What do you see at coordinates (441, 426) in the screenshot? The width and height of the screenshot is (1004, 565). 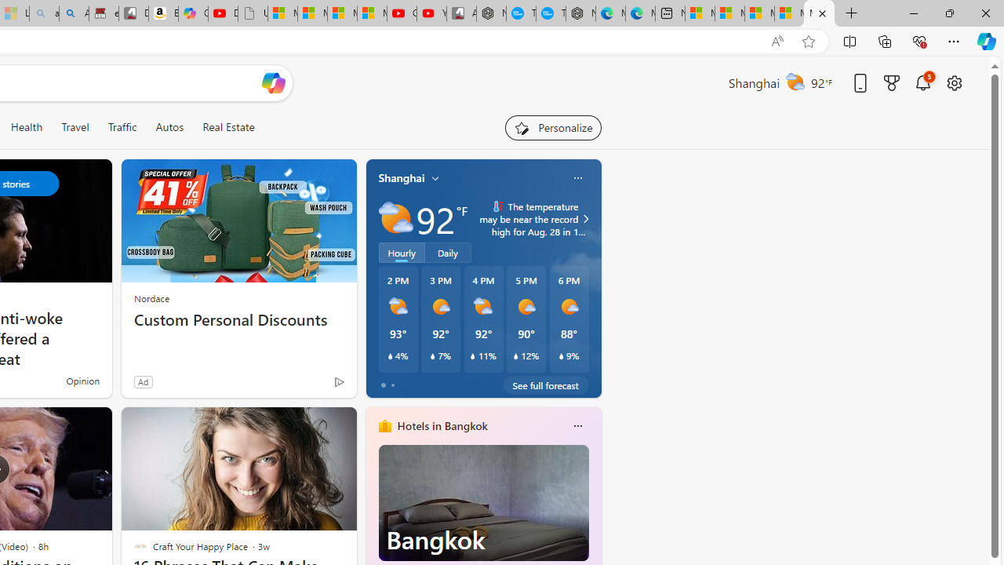 I see `'Hotels in Bangkok'` at bounding box center [441, 426].